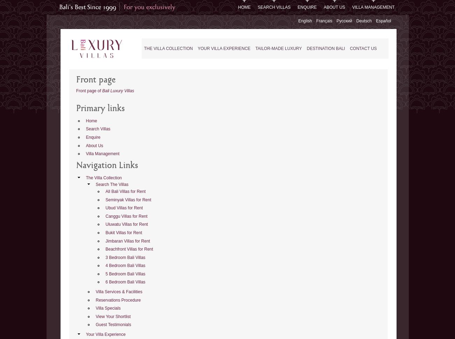 This screenshot has width=455, height=339. Describe the element at coordinates (125, 265) in the screenshot. I see `'4 Bedroom Bali Villas'` at that location.